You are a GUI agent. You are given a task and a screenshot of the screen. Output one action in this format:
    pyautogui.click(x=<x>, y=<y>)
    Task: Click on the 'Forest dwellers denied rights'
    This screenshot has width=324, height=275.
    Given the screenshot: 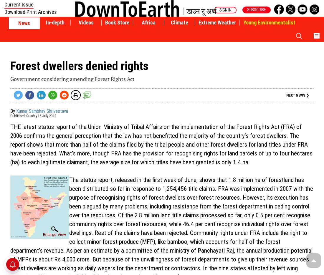 What is the action you would take?
    pyautogui.click(x=79, y=65)
    